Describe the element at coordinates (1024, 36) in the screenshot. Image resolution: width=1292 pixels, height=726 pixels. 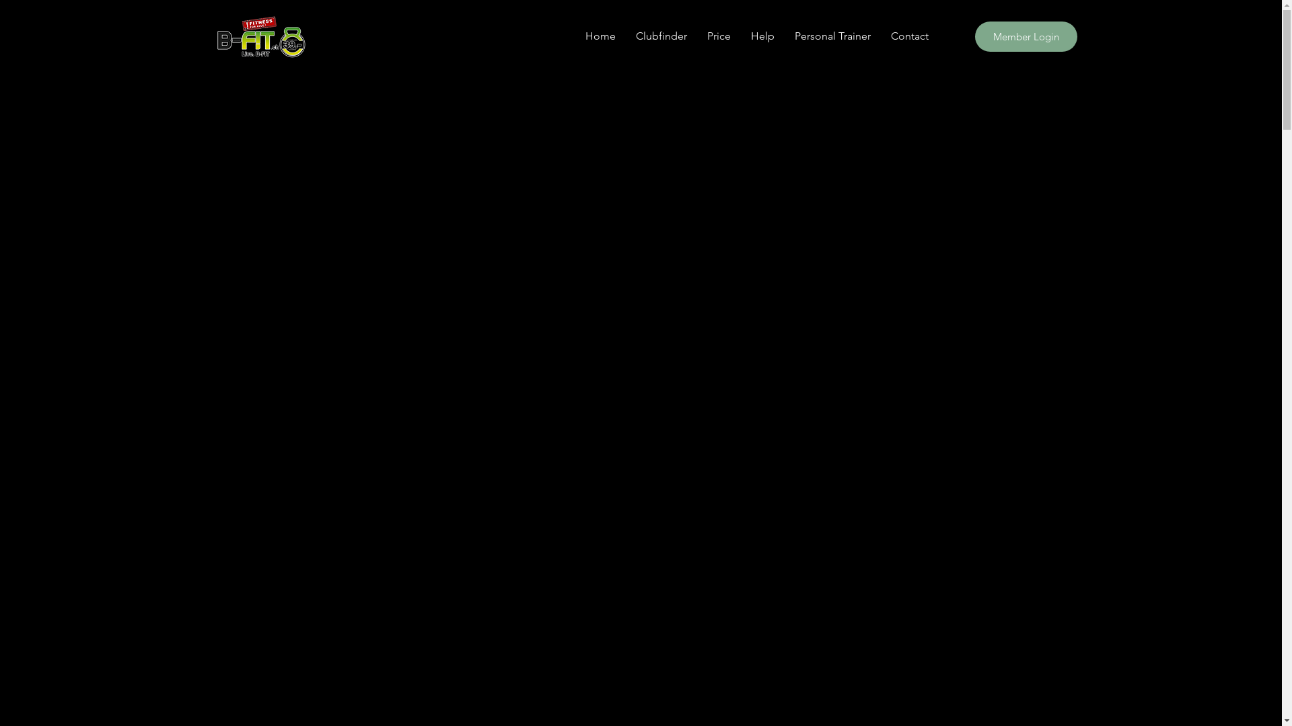
I see `'Member Login'` at that location.